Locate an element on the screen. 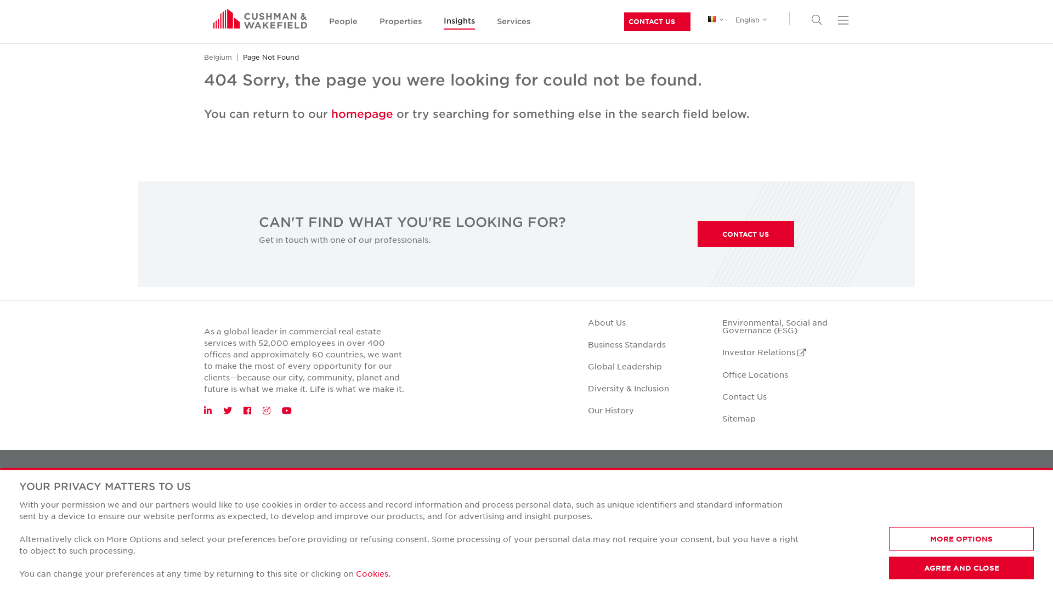 The width and height of the screenshot is (1053, 592). 'Services' is located at coordinates (513, 22).